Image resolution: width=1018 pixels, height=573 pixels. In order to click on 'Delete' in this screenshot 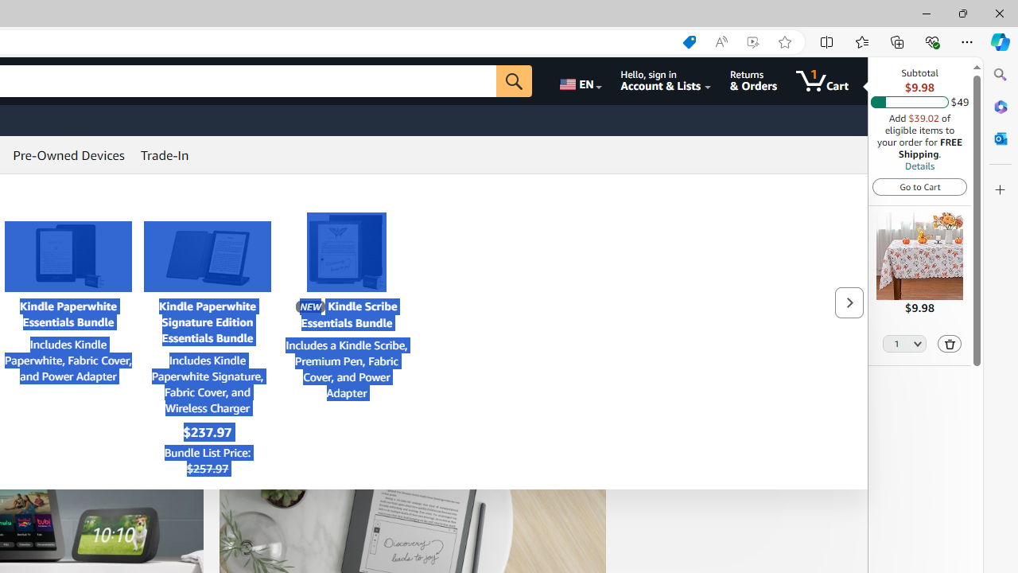, I will do `click(950, 342)`.